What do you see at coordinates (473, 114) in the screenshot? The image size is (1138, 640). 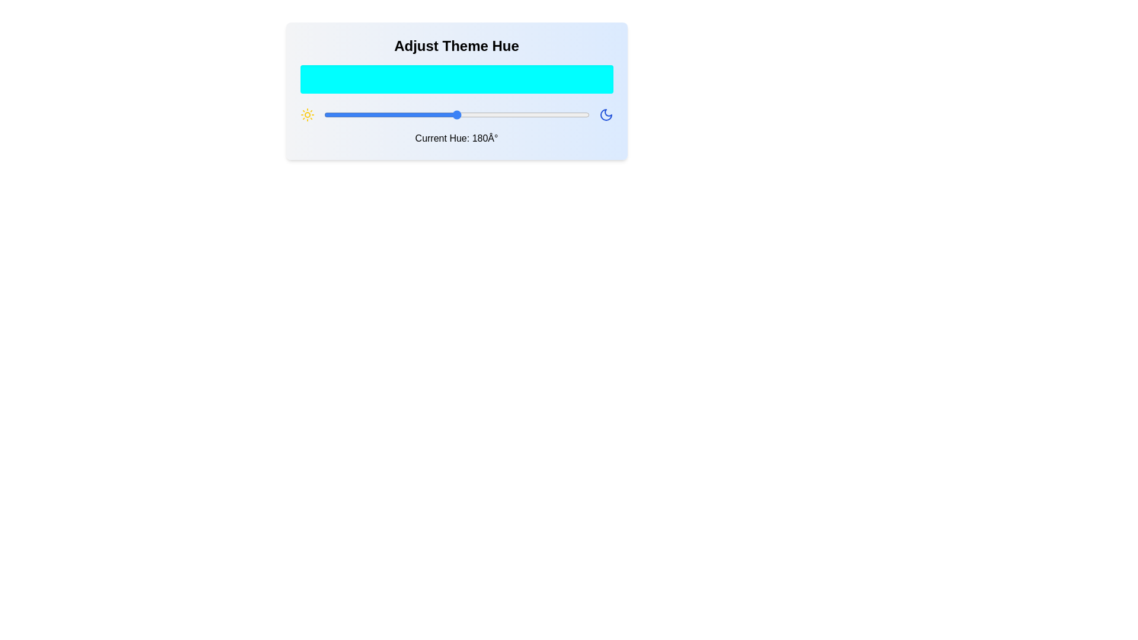 I see `the hue to 203 degrees by dragging the slider` at bounding box center [473, 114].